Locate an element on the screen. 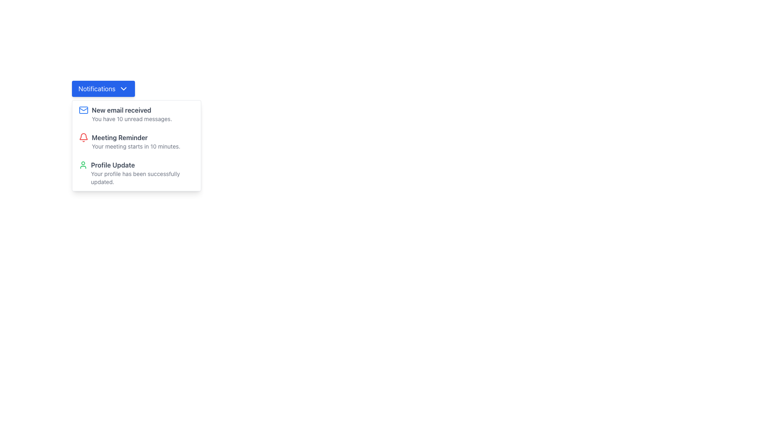  message from the text display element that shows 'Your profile has been successfully updated.' located below the 'Profile Update' title in the notification dropdown panel is located at coordinates (143, 177).